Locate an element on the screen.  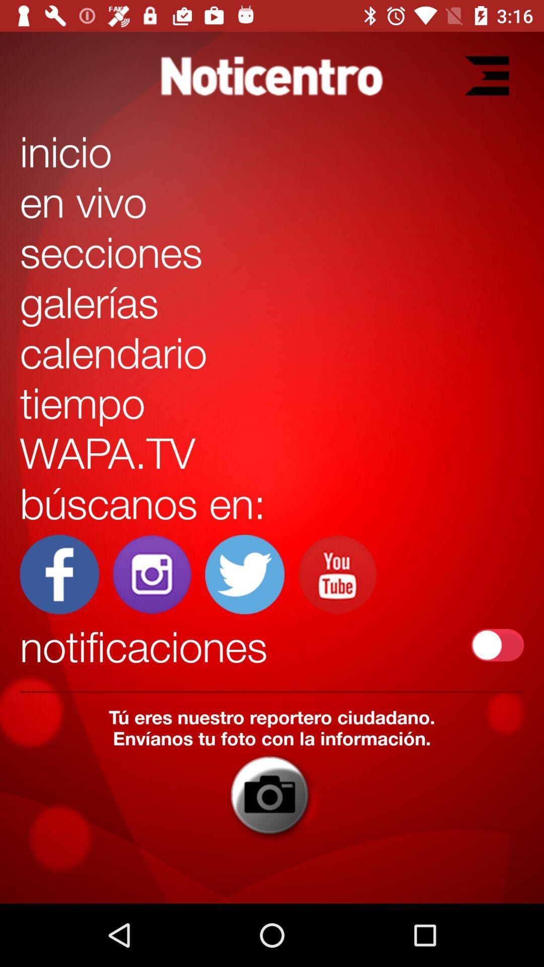
the face book is located at coordinates (59, 574).